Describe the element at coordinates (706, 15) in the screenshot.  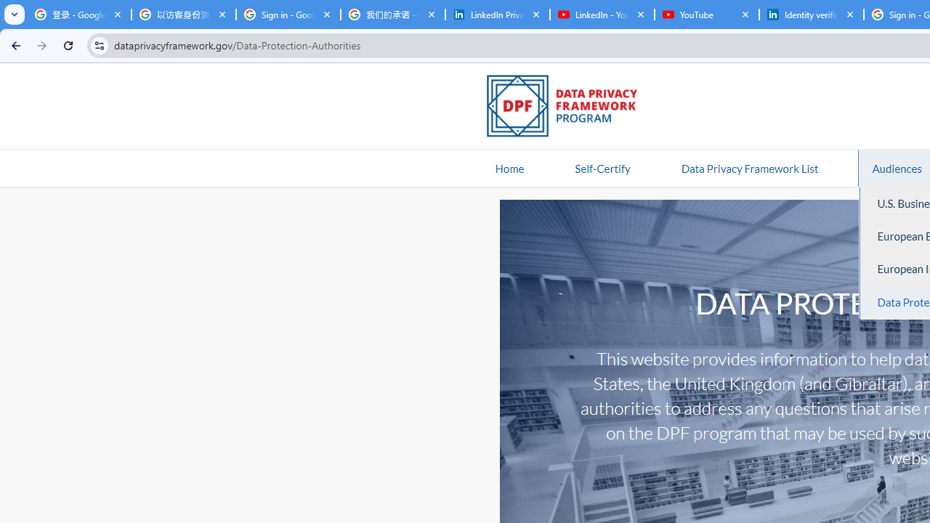
I see `'YouTube'` at that location.